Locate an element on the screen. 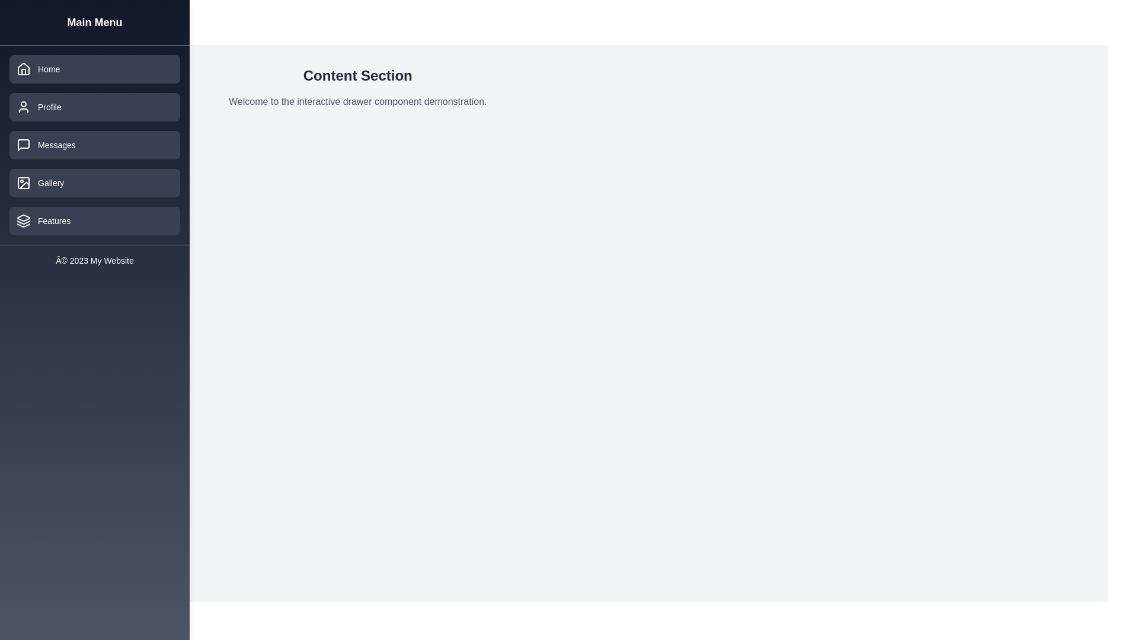  the 'Profile' button located in the sidebar menu, which is positioned below the 'Home' item and above the 'Messages' item is located at coordinates (94, 107).